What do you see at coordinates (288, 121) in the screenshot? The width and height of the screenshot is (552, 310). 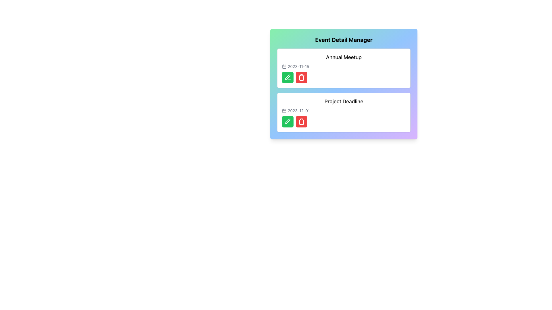 I see `the 'edit' icon located within the green button in the lower task box labeled 'Project Deadline'` at bounding box center [288, 121].